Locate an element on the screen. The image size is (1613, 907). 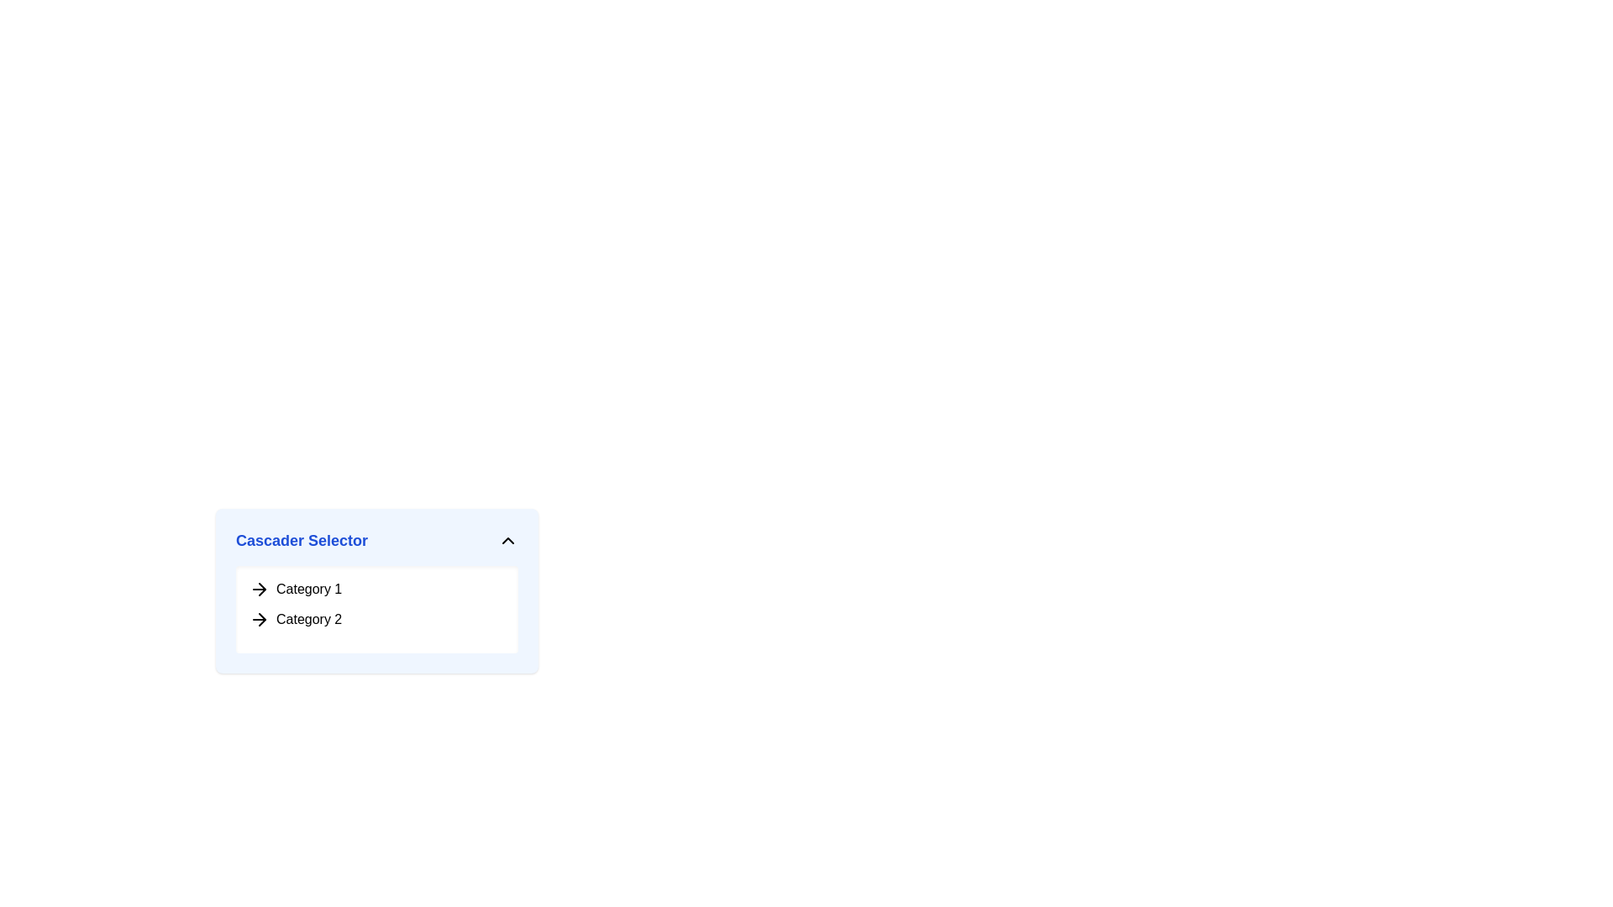
the bold text element displaying 'Cascader Selector' in blue color located in the header area of the dropdown menu is located at coordinates (302, 541).